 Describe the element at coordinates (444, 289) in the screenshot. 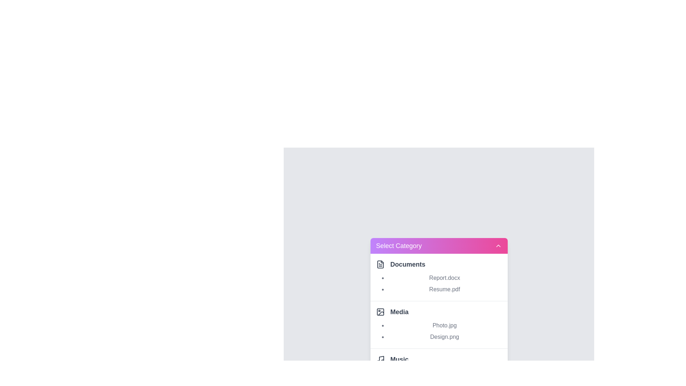

I see `the List item representing the file 'Resume.pdf'` at that location.